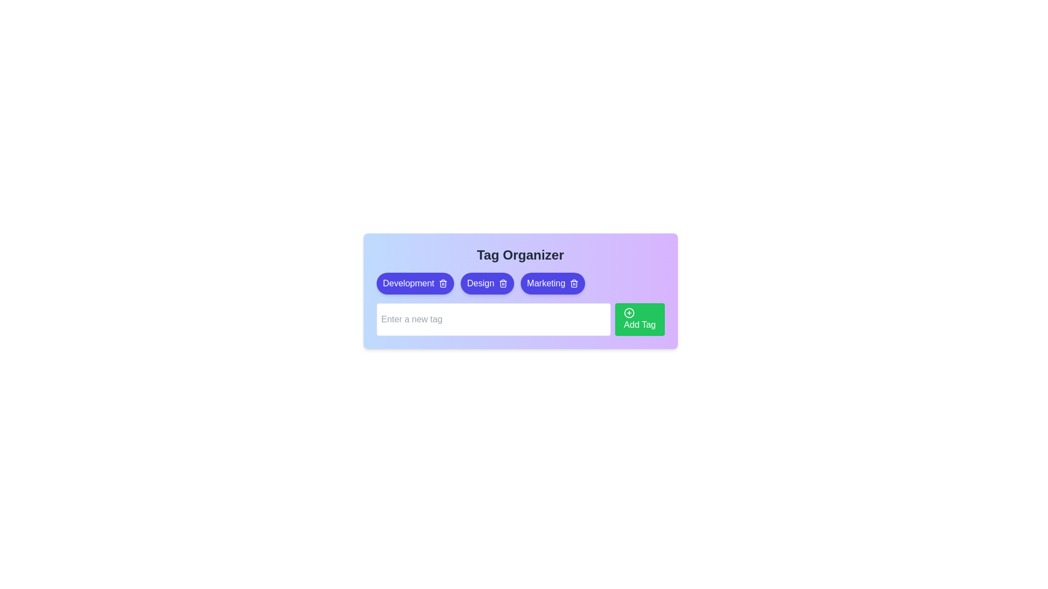 The image size is (1048, 589). I want to click on the white trash can icon with a blue circular background, positioned to the right of the 'Design' text tag, to possibly display a tooltip, so click(502, 283).